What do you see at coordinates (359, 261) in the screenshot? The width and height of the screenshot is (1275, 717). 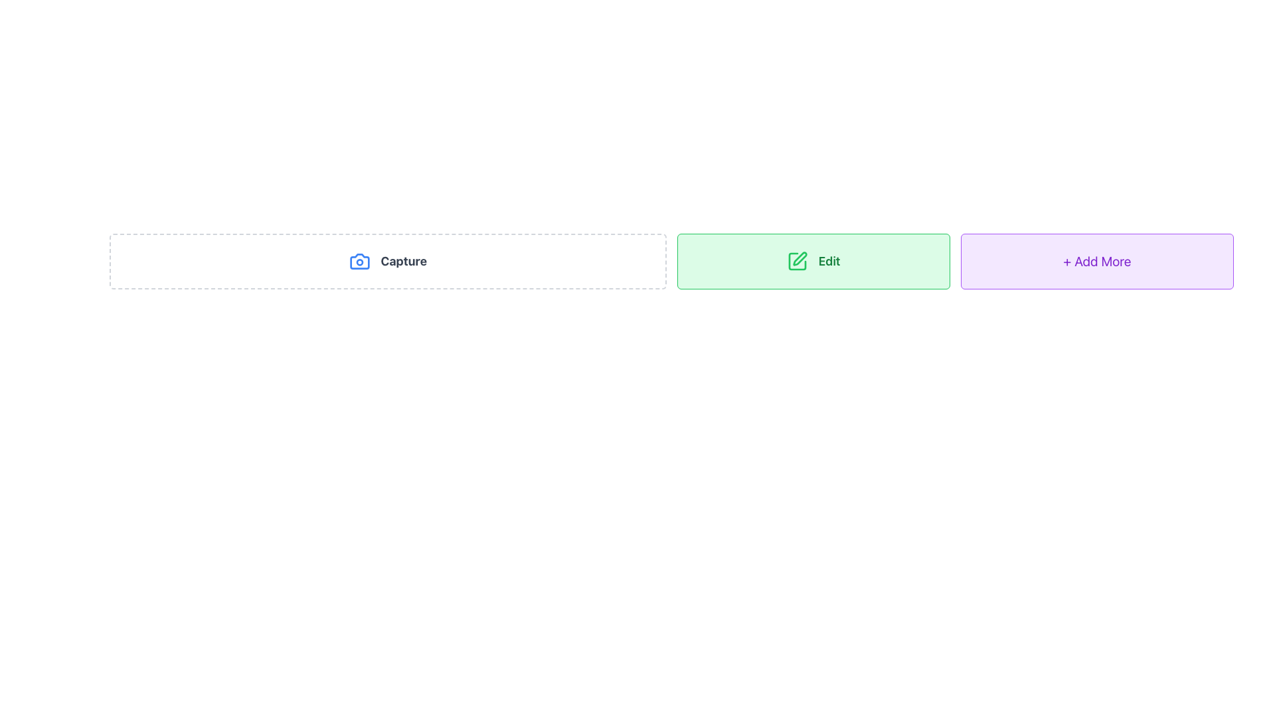 I see `the camera icon located to the left of the 'Capture' button in the interface, which signifies the capturing functionality` at bounding box center [359, 261].